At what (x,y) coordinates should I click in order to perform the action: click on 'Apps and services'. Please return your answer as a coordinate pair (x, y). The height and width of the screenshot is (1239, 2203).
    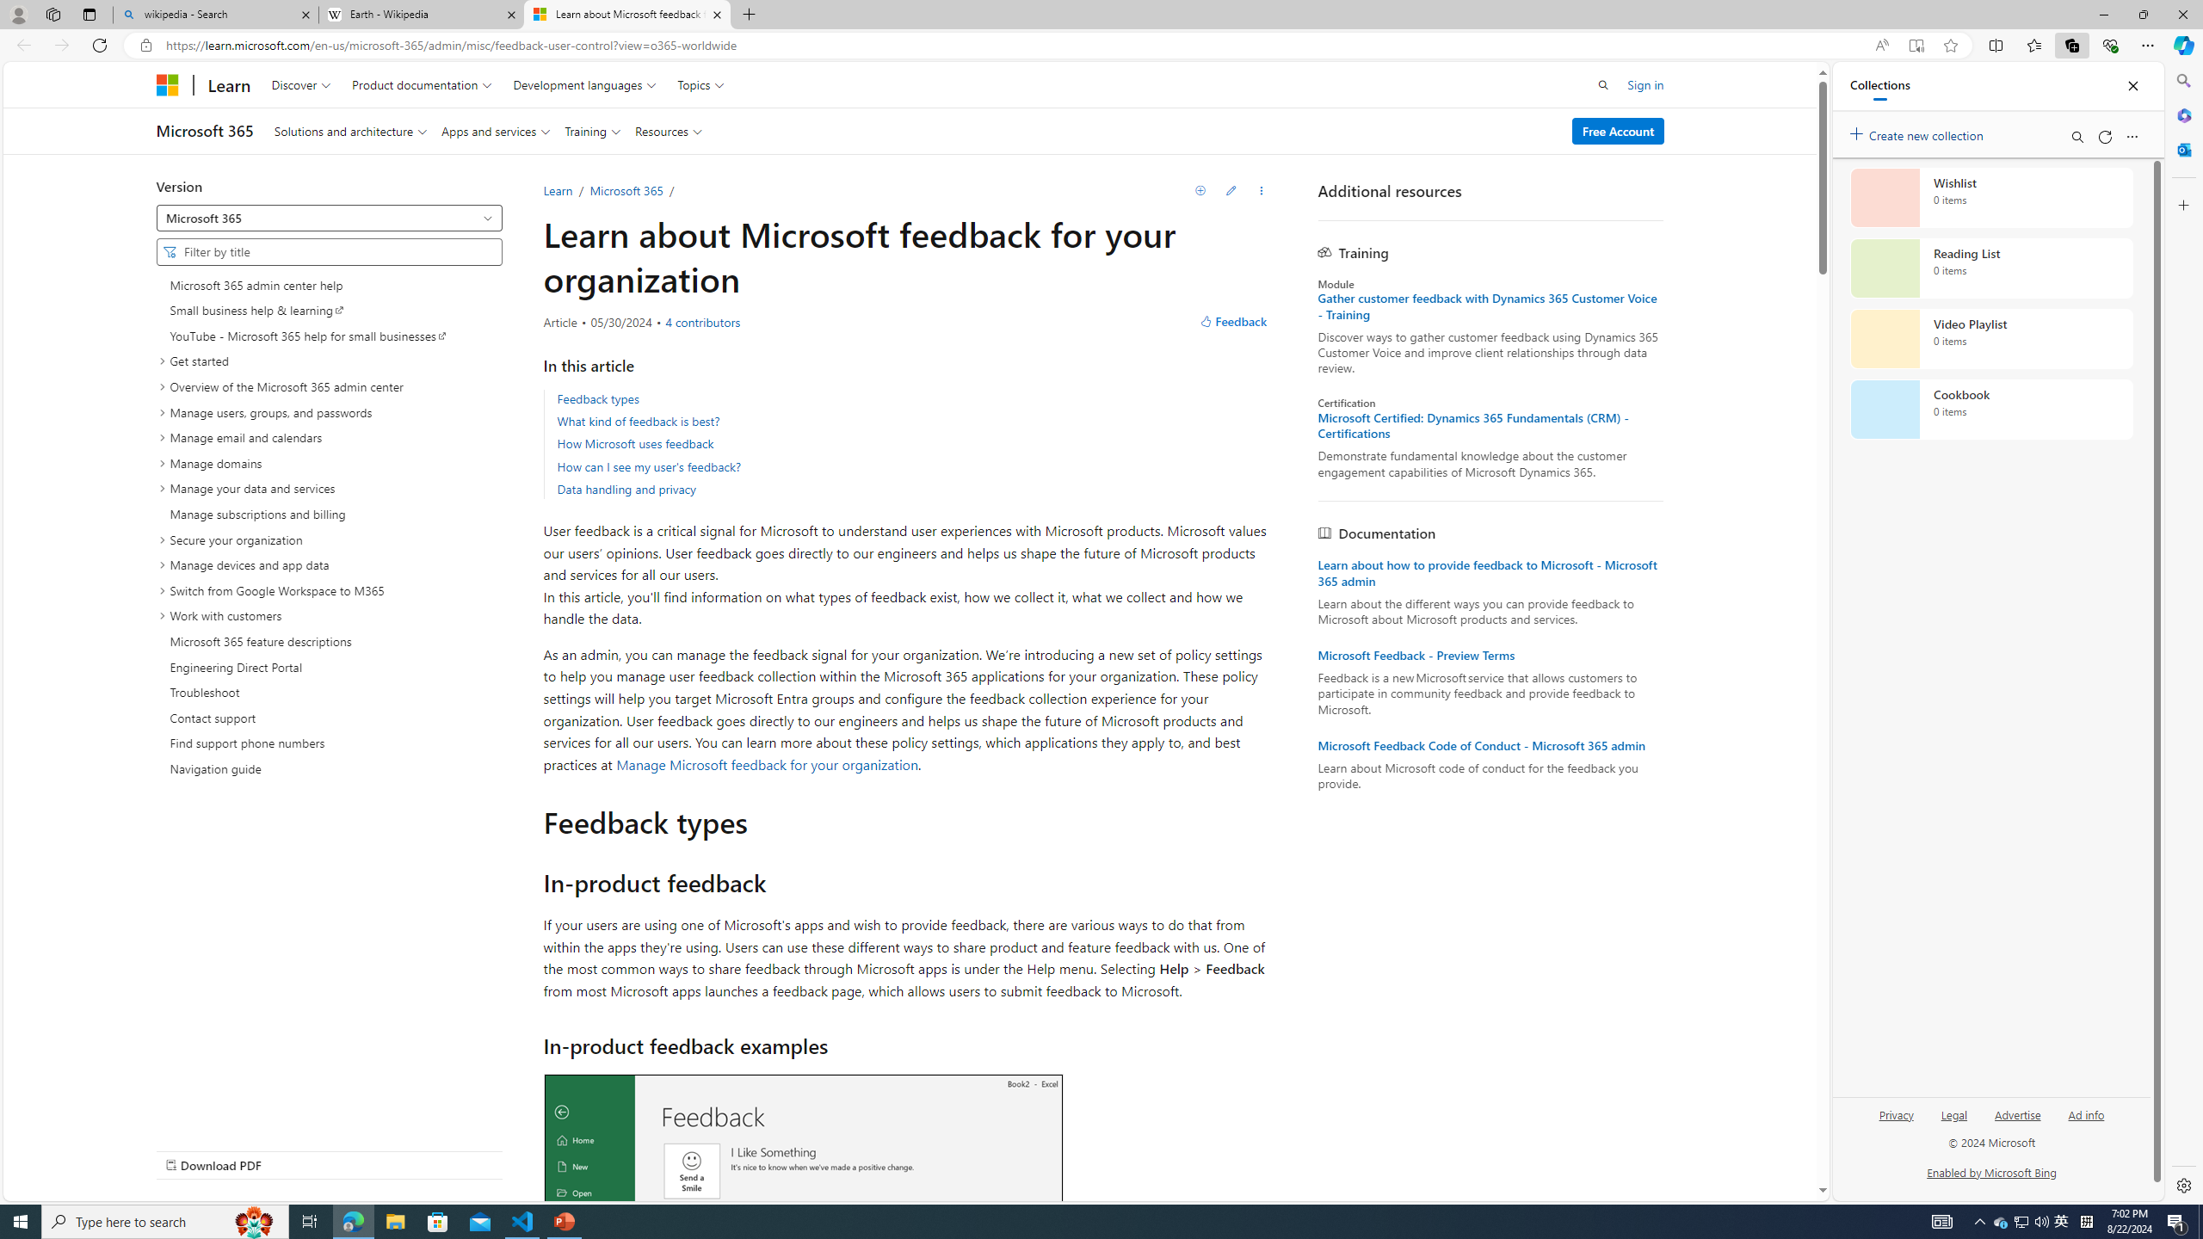
    Looking at the image, I should click on (496, 131).